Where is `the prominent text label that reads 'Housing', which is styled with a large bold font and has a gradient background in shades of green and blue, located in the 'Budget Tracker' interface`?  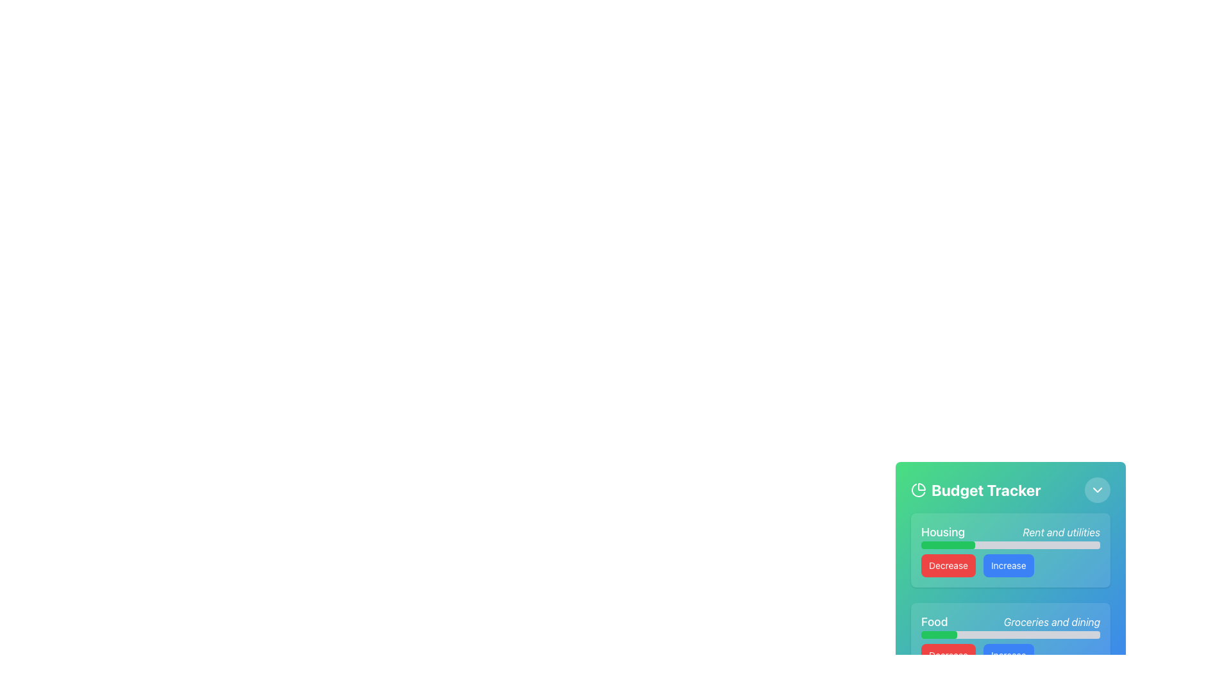 the prominent text label that reads 'Housing', which is styled with a large bold font and has a gradient background in shades of green and blue, located in the 'Budget Tracker' interface is located at coordinates (943, 532).